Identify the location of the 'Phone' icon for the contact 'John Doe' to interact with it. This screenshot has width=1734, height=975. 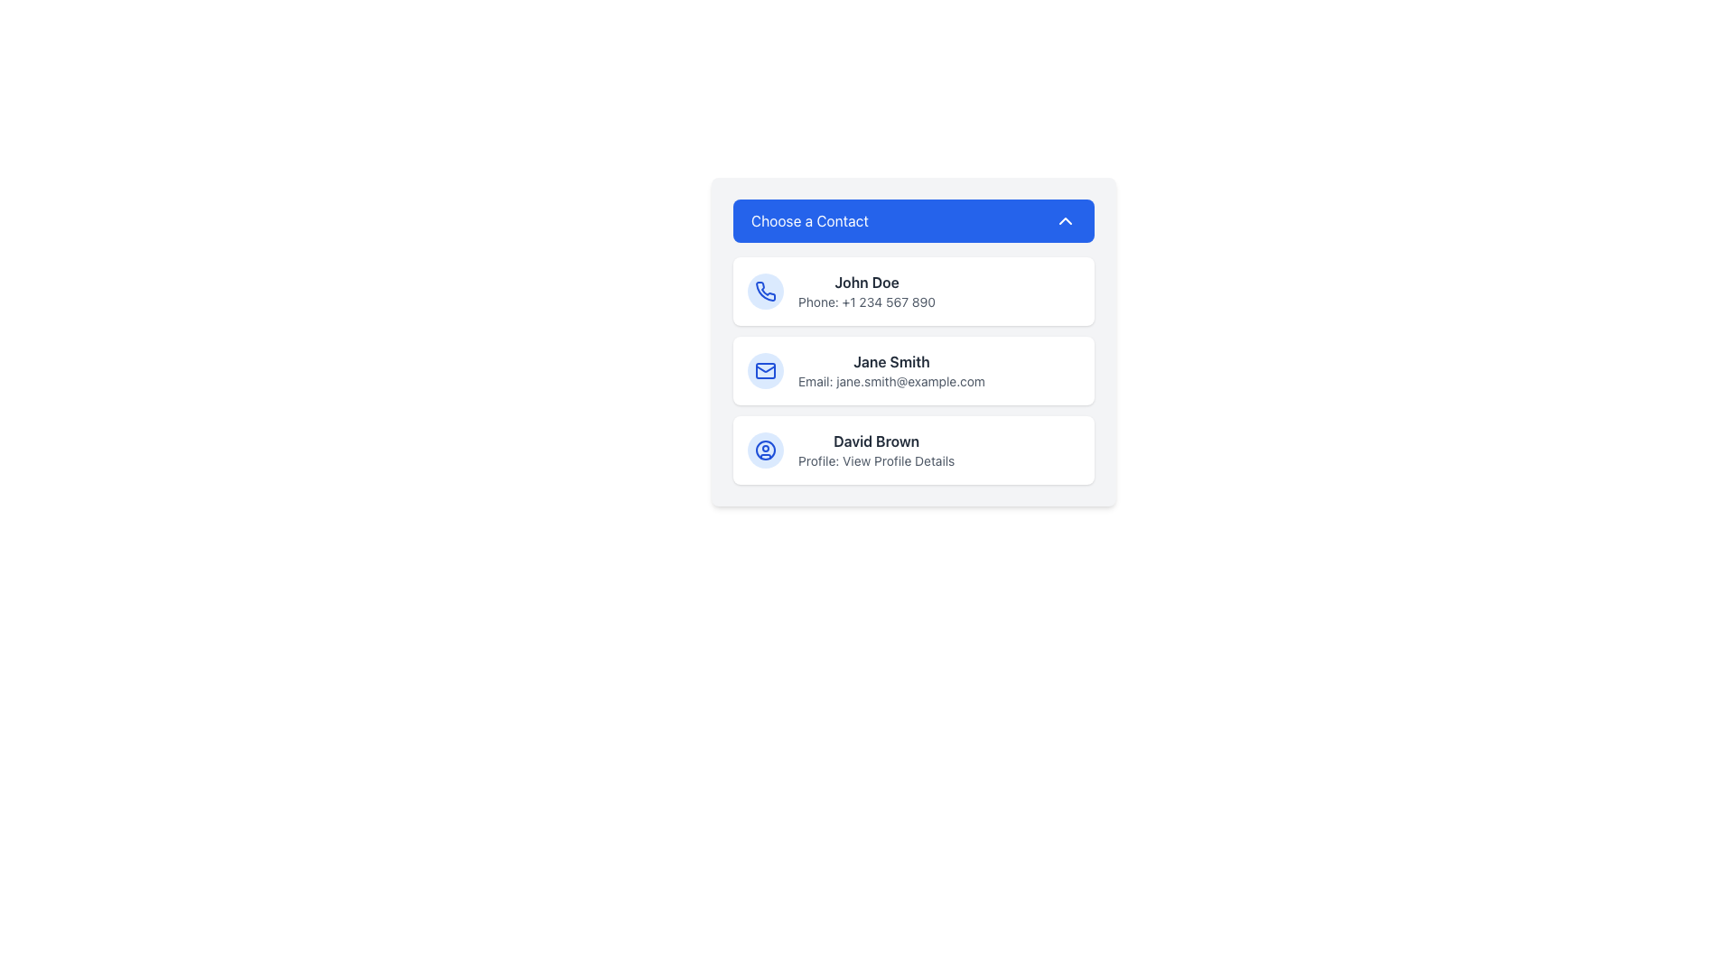
(766, 291).